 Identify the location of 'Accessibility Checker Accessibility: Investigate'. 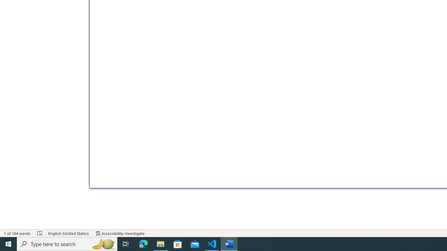
(120, 233).